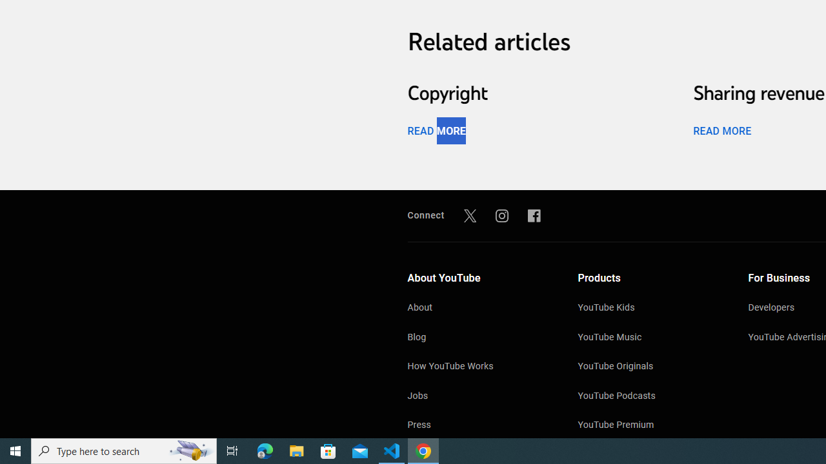 The width and height of the screenshot is (826, 464). What do you see at coordinates (479, 337) in the screenshot?
I see `'Blog'` at bounding box center [479, 337].